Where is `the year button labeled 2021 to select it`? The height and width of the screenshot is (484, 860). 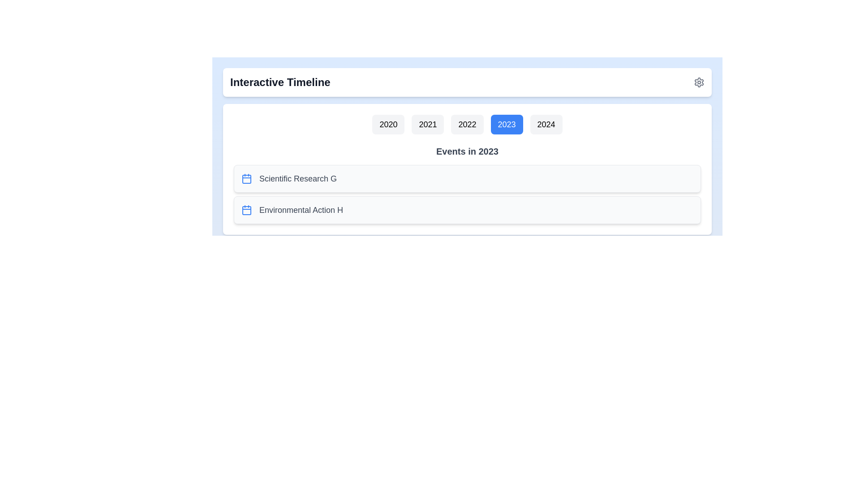
the year button labeled 2021 to select it is located at coordinates (427, 124).